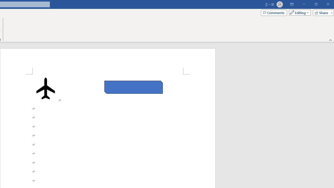 This screenshot has height=188, width=334. What do you see at coordinates (304, 4) in the screenshot?
I see `'Minimize'` at bounding box center [304, 4].